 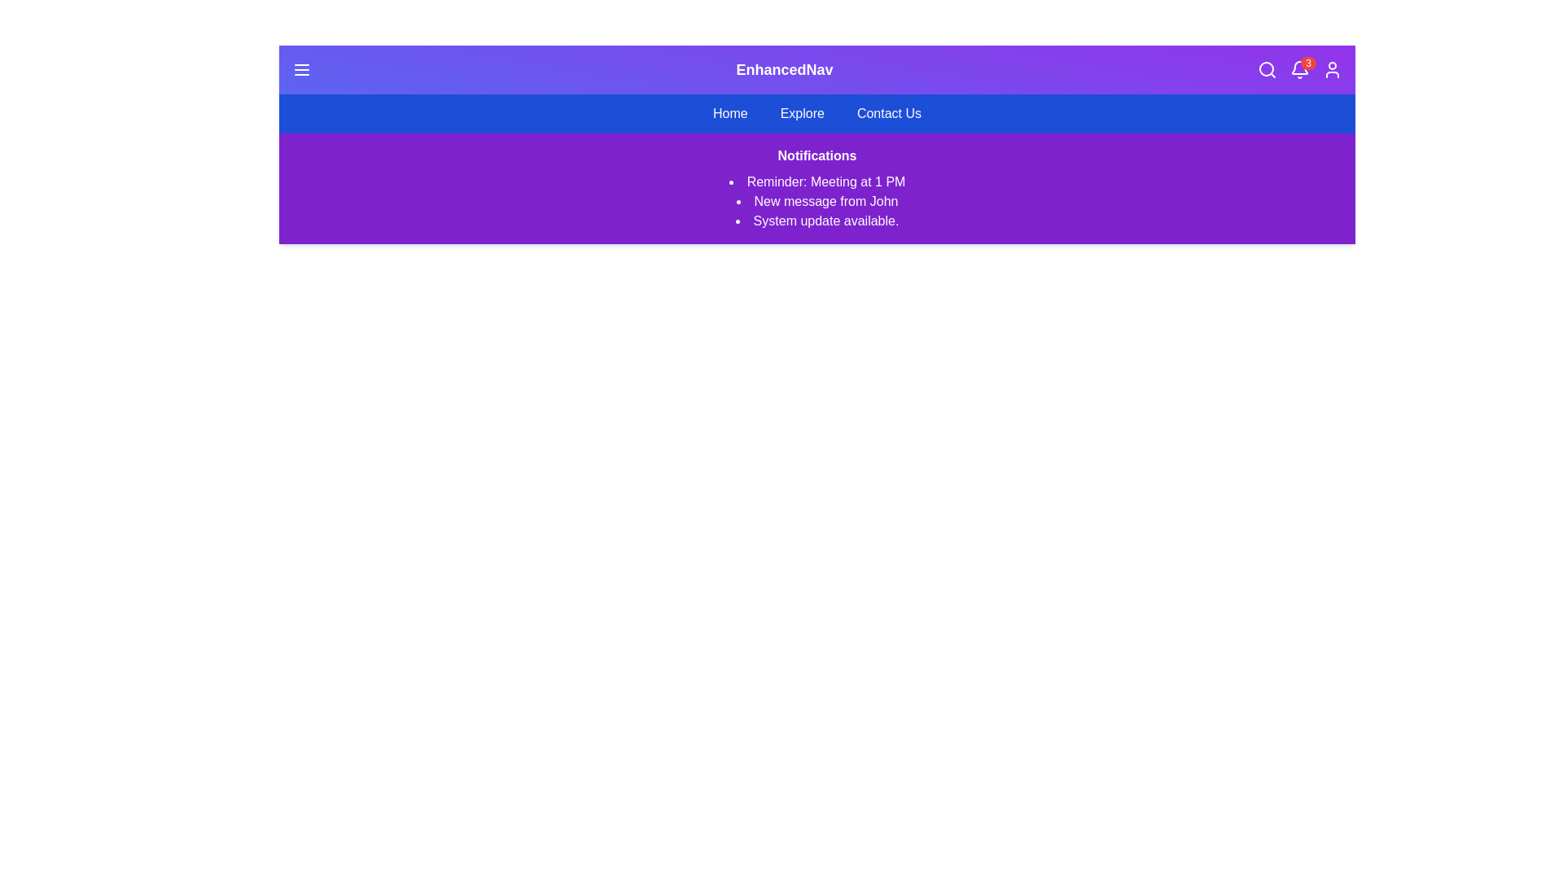 I want to click on the 'Explore' navigation option in the navigation bar, which has a blue background and white text, located below the 'EnhancedNav' header, so click(x=817, y=112).